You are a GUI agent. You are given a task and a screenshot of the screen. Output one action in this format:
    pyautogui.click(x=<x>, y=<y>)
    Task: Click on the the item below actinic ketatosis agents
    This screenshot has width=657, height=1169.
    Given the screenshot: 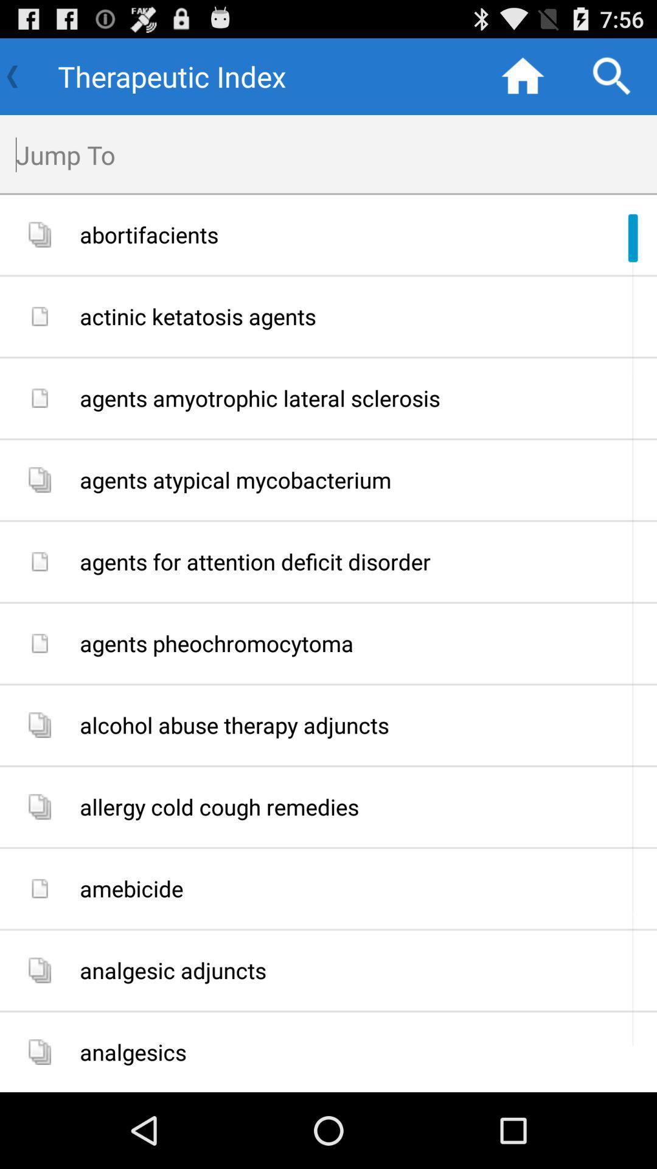 What is the action you would take?
    pyautogui.click(x=363, y=398)
    